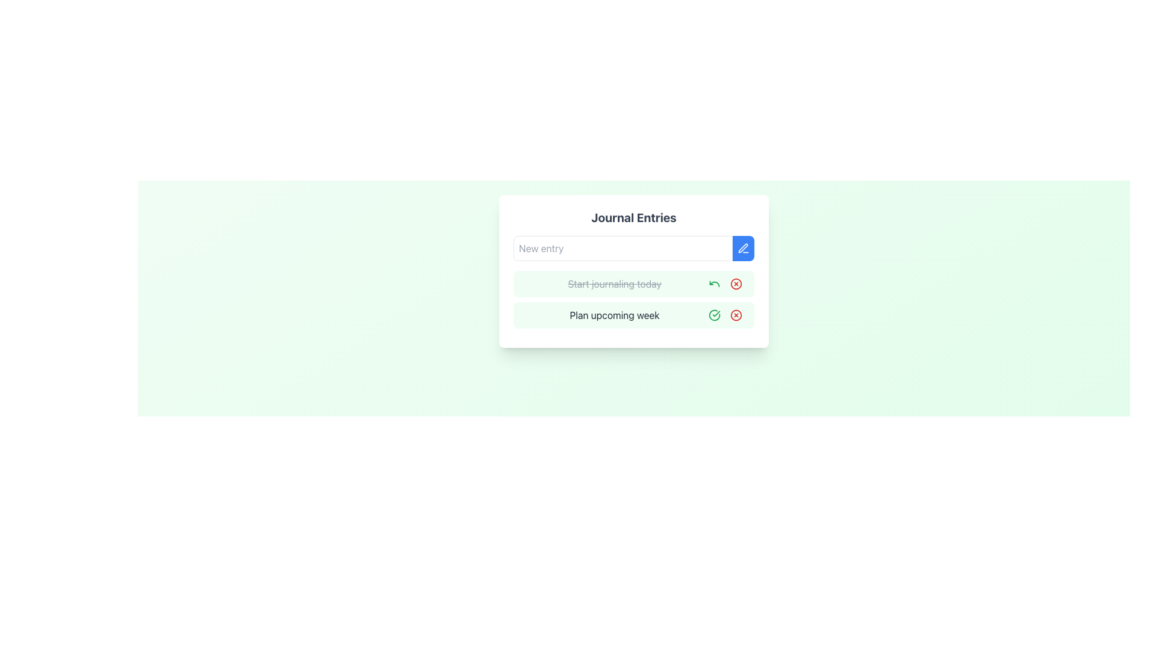 The width and height of the screenshot is (1156, 650). I want to click on the red cross icon in the action group to reject the task associated with 'Plan upcoming week', so click(724, 315).